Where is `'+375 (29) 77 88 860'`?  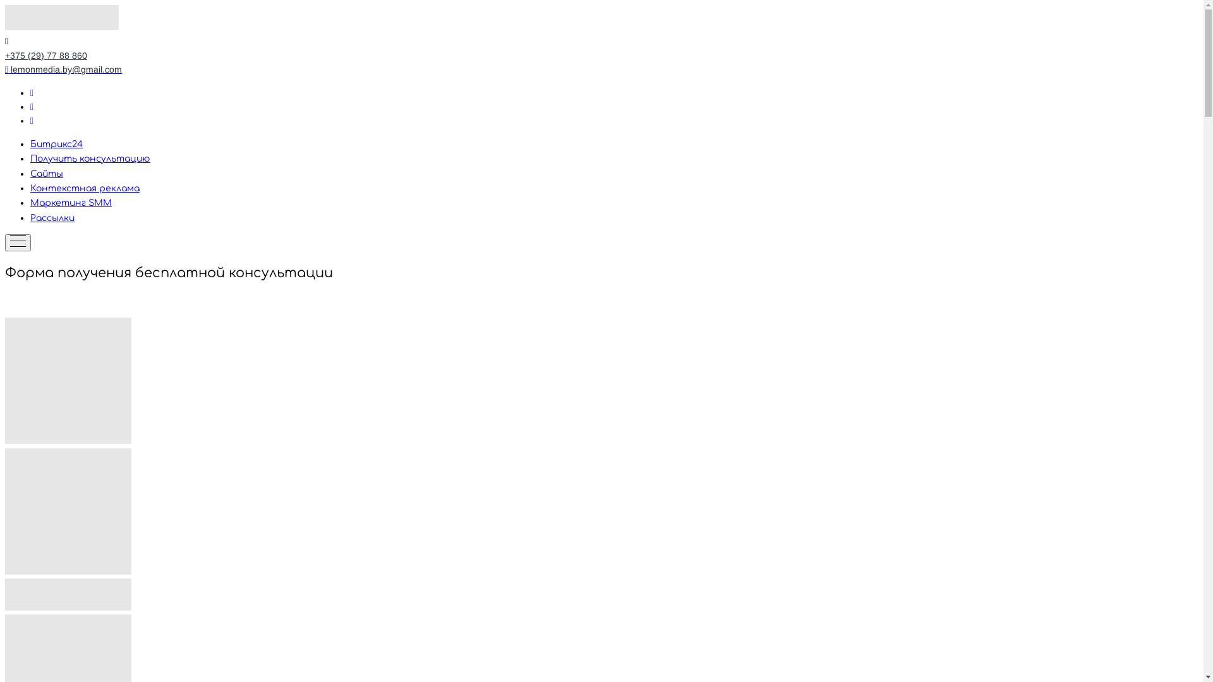
'+375 (29) 77 88 860' is located at coordinates (45, 55).